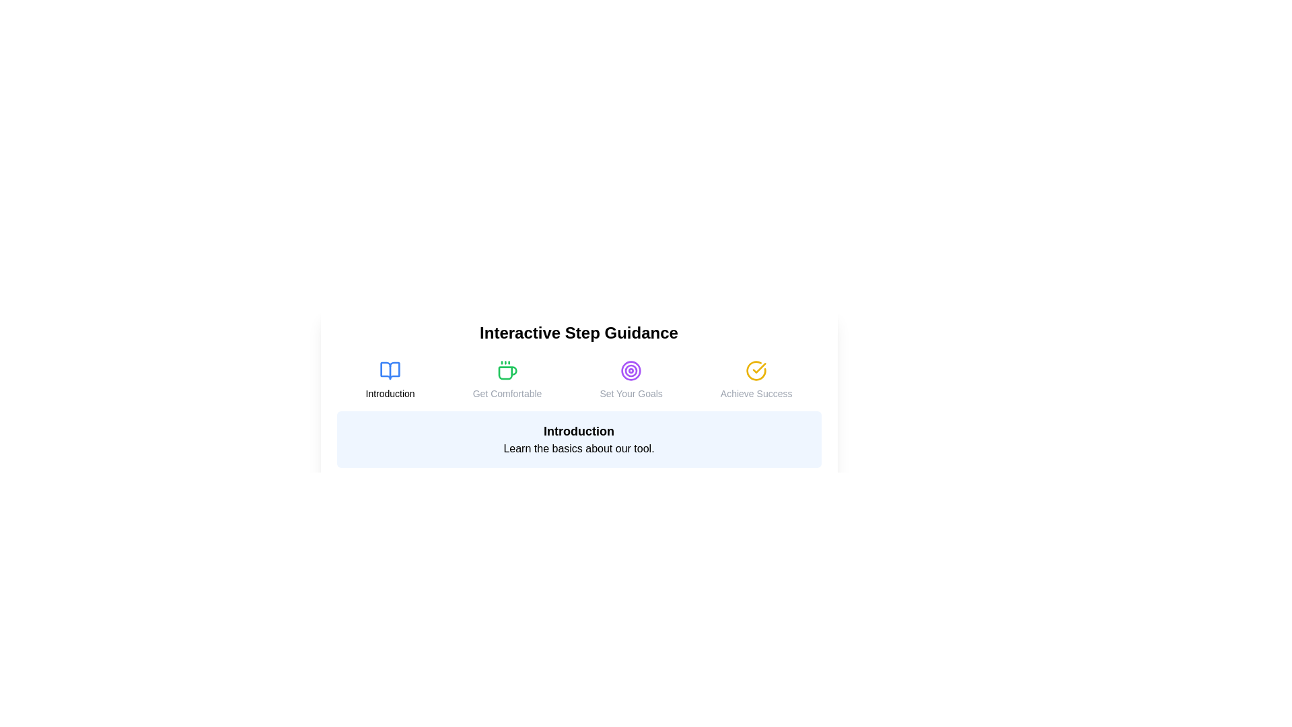 The height and width of the screenshot is (727, 1292). What do you see at coordinates (506, 380) in the screenshot?
I see `the green coffee cup icon labeled 'Get Comfortable'` at bounding box center [506, 380].